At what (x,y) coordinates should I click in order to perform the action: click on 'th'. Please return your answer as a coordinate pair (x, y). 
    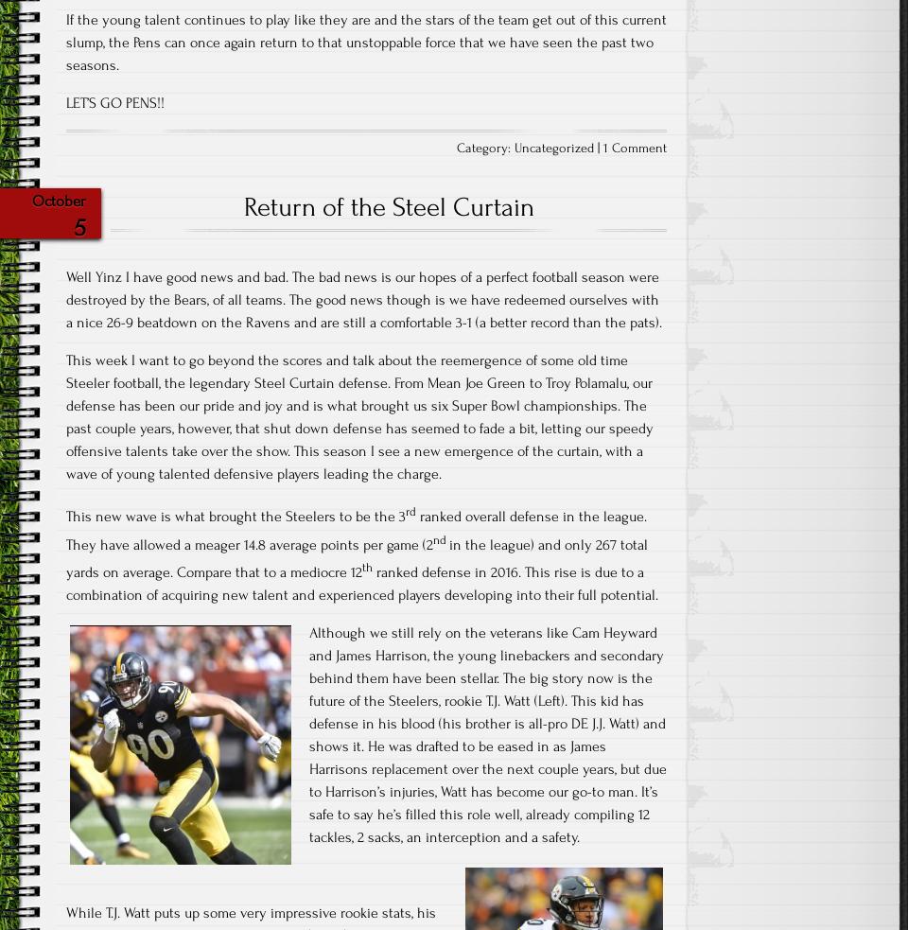
    Looking at the image, I should click on (366, 567).